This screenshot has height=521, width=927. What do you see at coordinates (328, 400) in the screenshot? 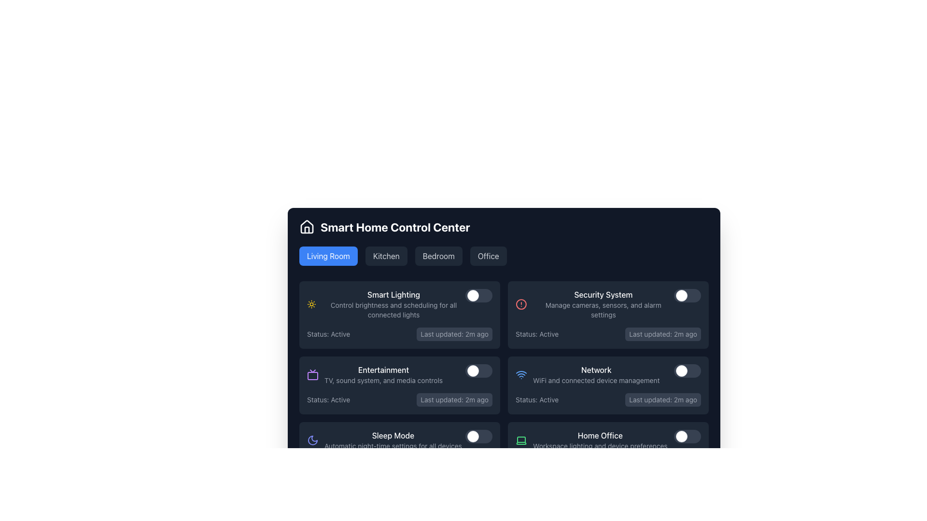
I see `the 'Active' status text label within the 'Entertainment' card, which is located to the left of the 'Last updated: 2m ago' text` at bounding box center [328, 400].